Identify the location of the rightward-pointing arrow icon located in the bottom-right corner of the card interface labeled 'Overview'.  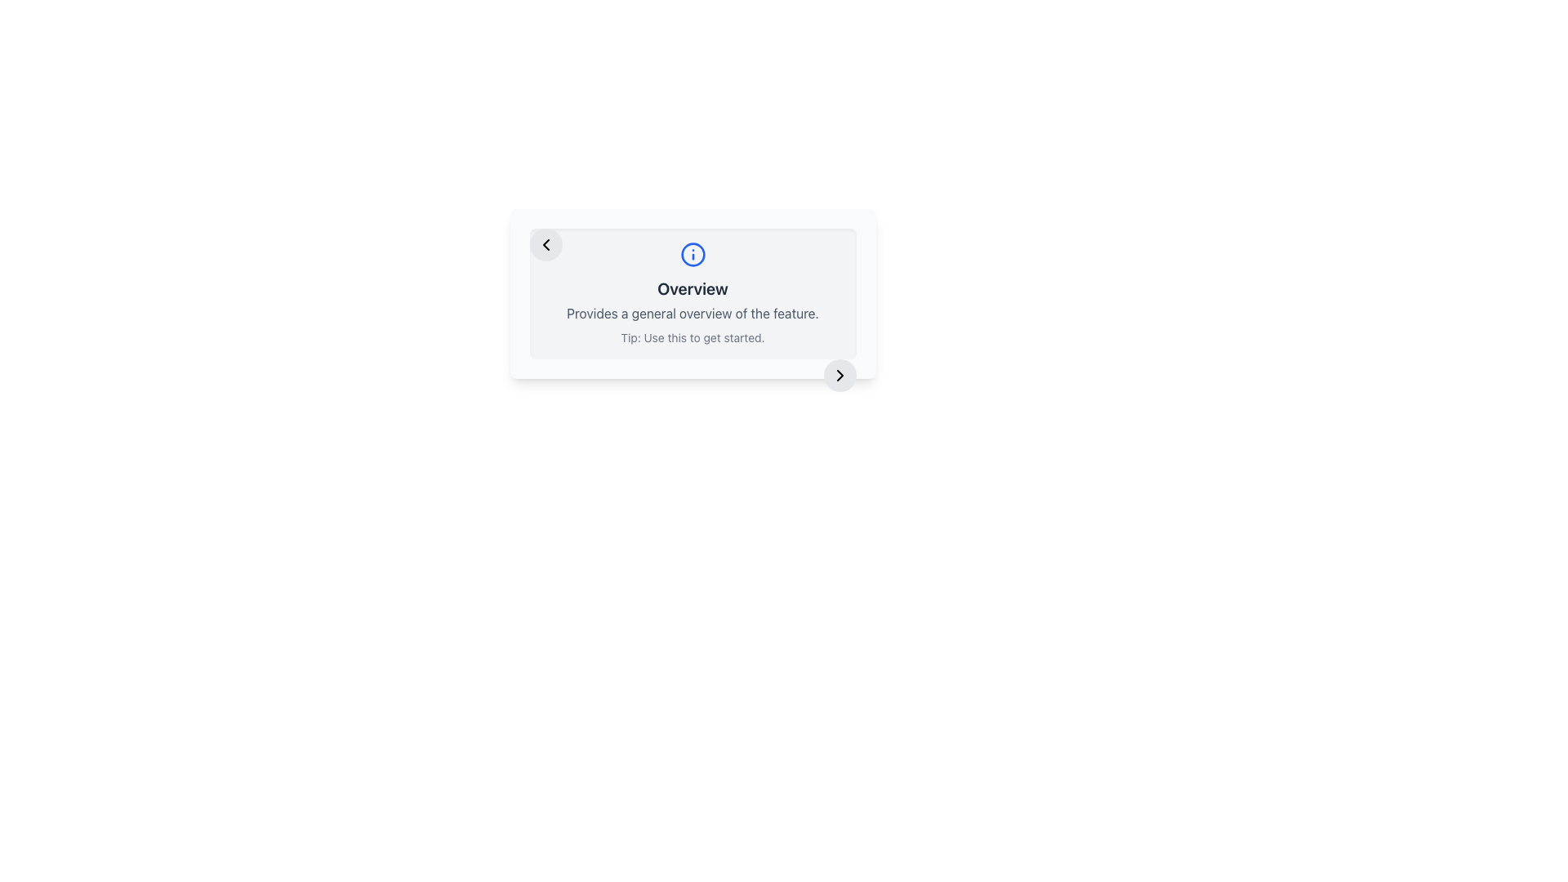
(840, 375).